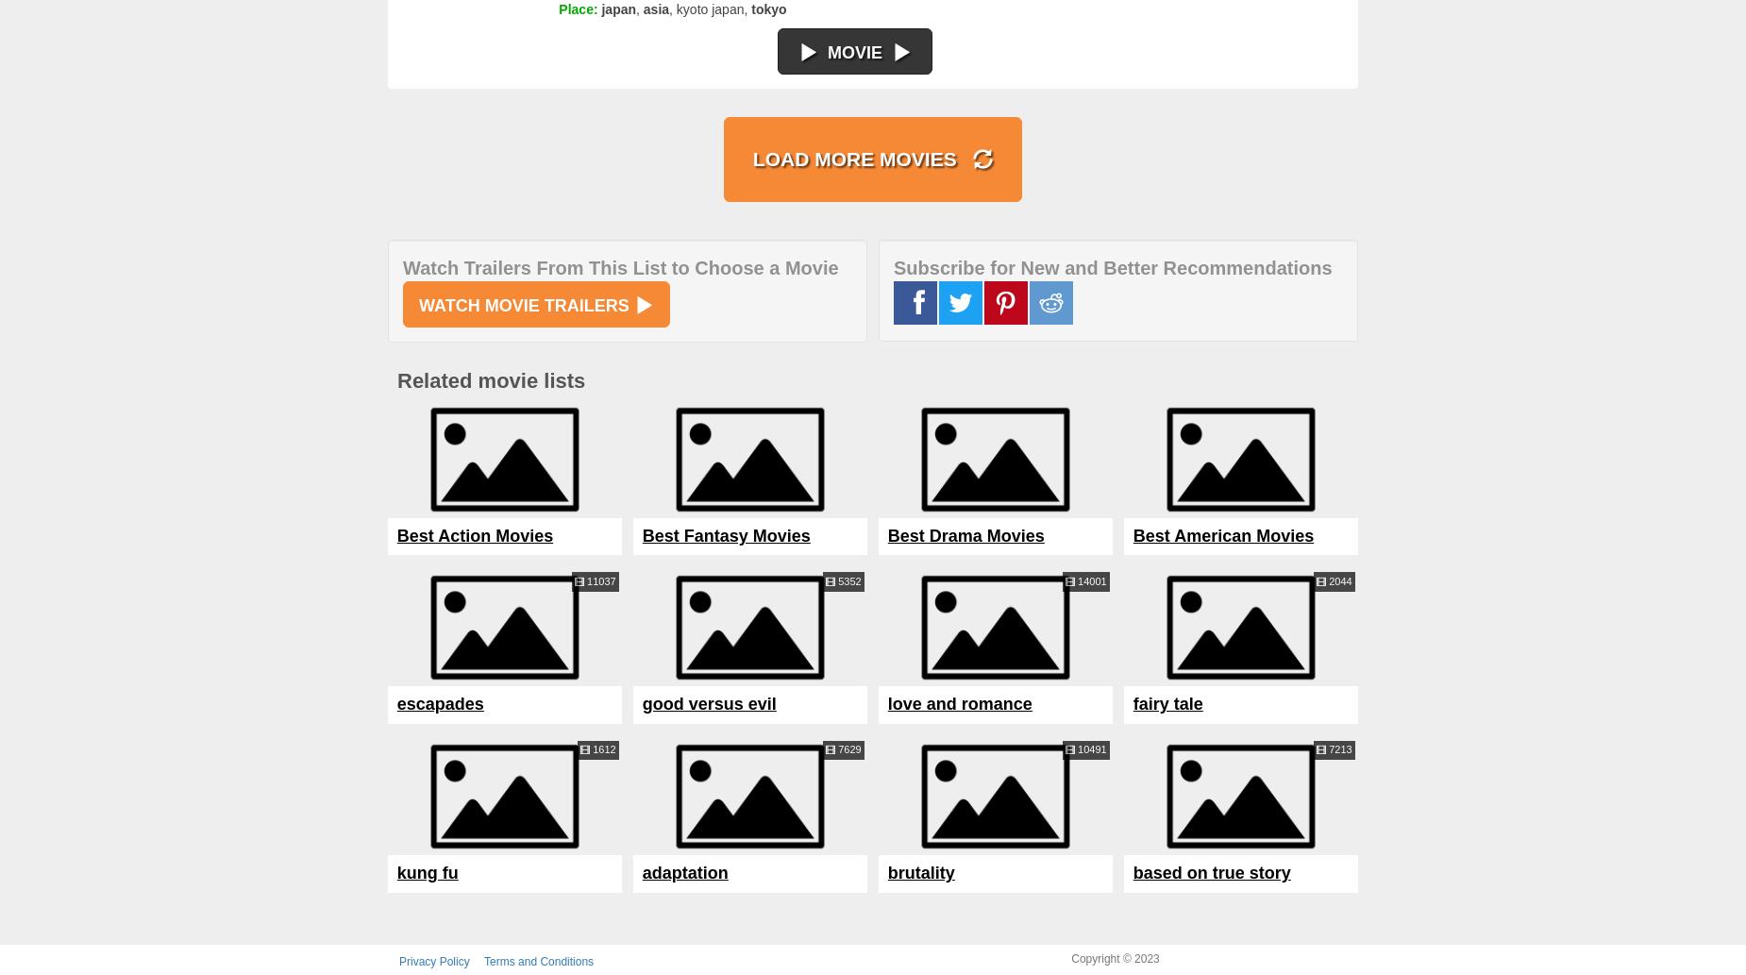  I want to click on 'adaptation', so click(684, 872).